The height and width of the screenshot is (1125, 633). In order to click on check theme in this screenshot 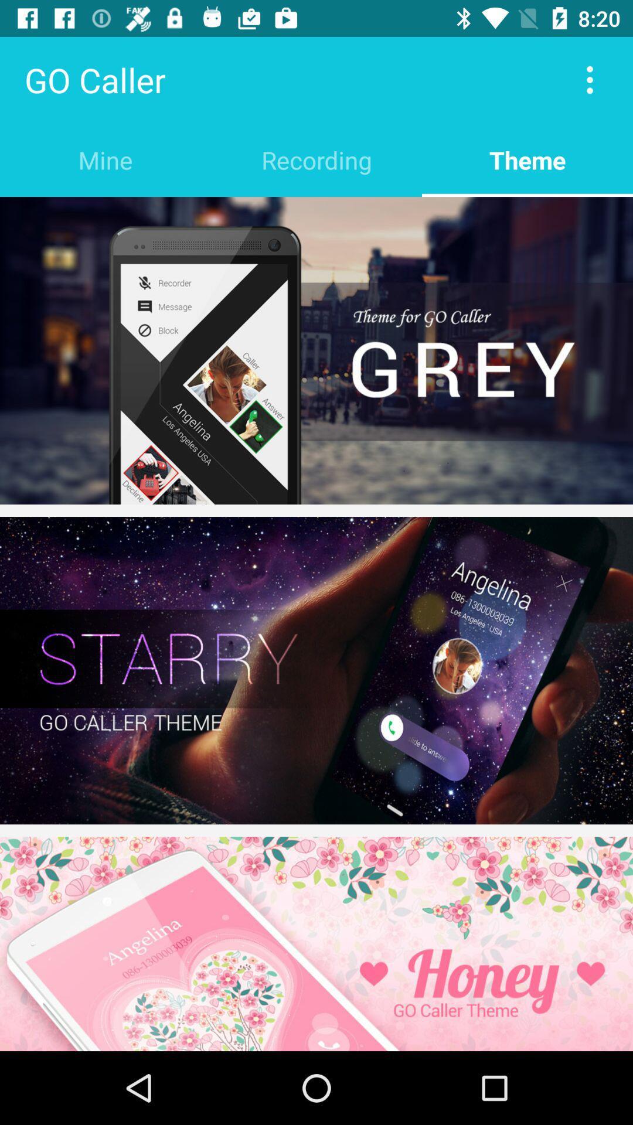, I will do `click(316, 944)`.